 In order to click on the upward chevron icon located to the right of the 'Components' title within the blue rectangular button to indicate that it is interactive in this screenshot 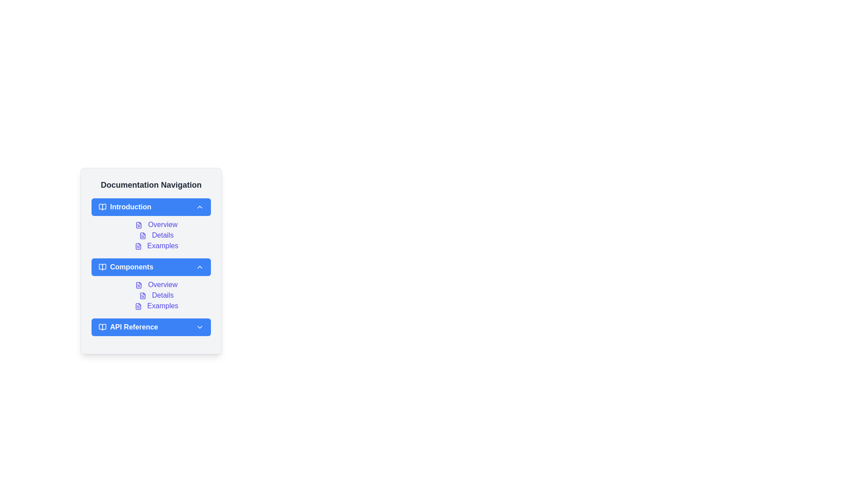, I will do `click(199, 267)`.